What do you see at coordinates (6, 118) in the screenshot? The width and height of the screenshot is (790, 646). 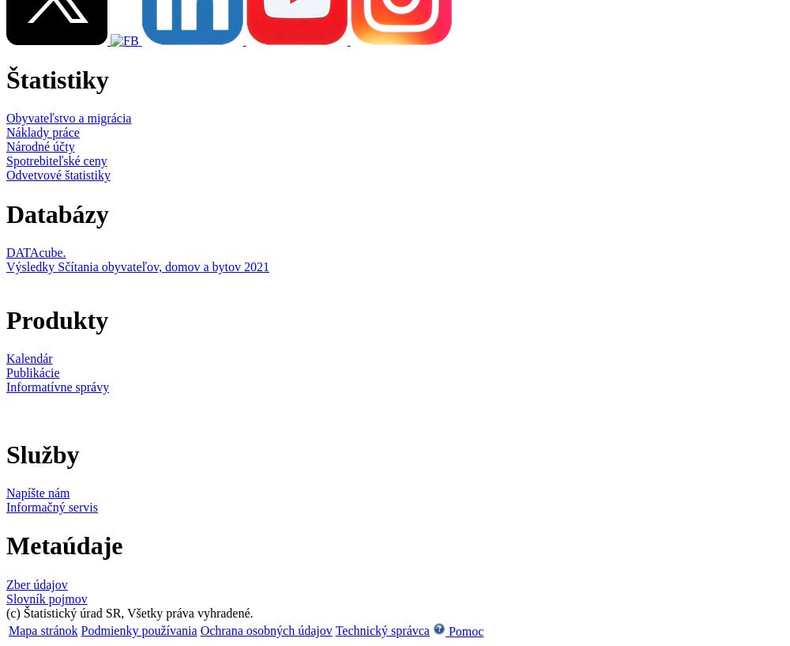 I see `'Obyvateľstvo a migrácia'` at bounding box center [6, 118].